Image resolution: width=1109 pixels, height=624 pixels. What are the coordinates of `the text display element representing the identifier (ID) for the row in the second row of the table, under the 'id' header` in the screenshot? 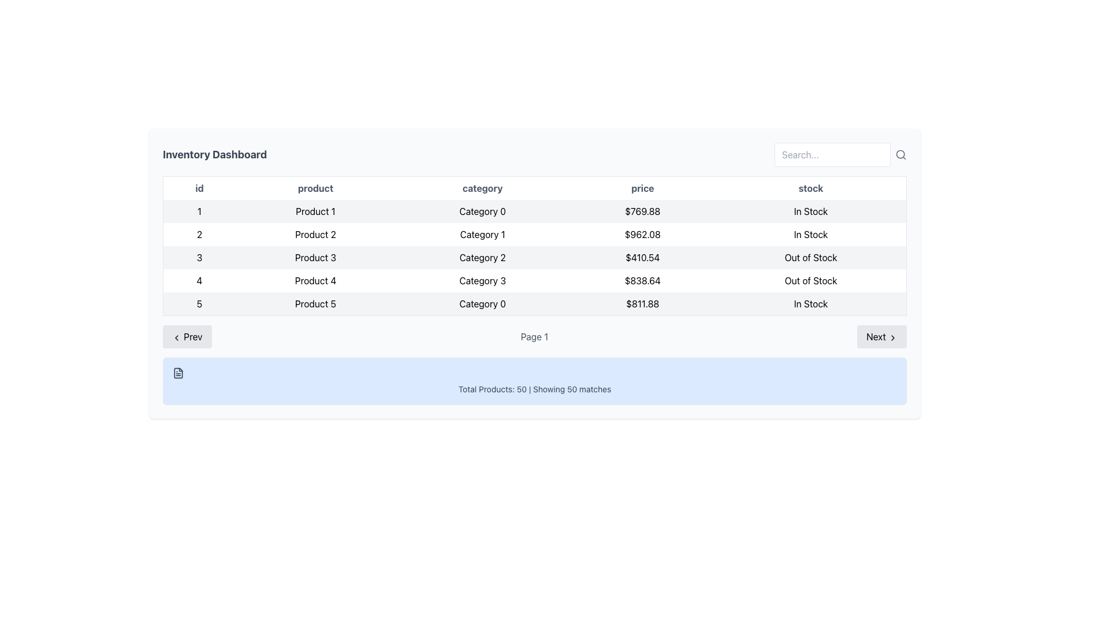 It's located at (199, 234).